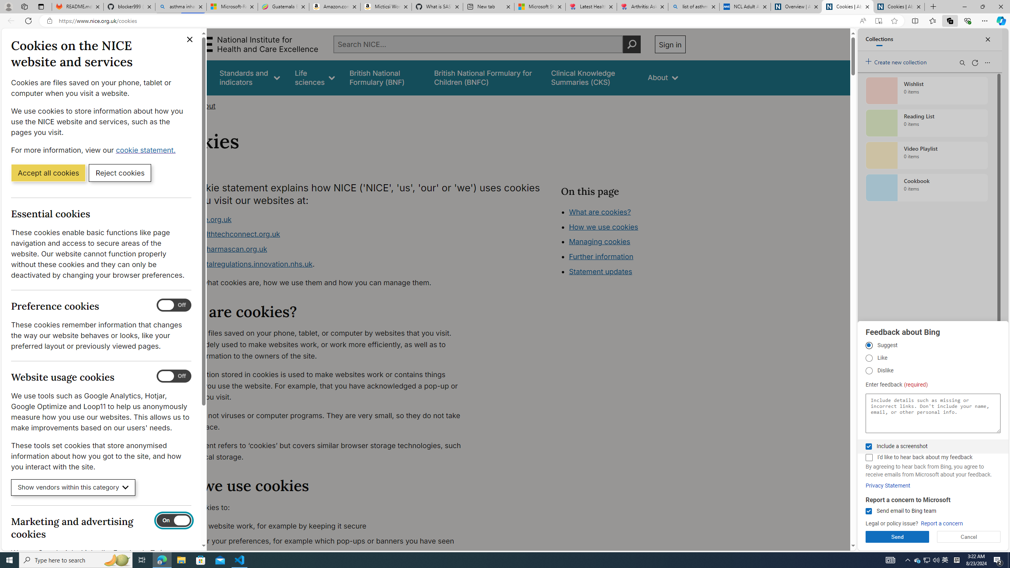 This screenshot has width=1010, height=568. I want to click on 'www.nice.org.uk', so click(202, 219).